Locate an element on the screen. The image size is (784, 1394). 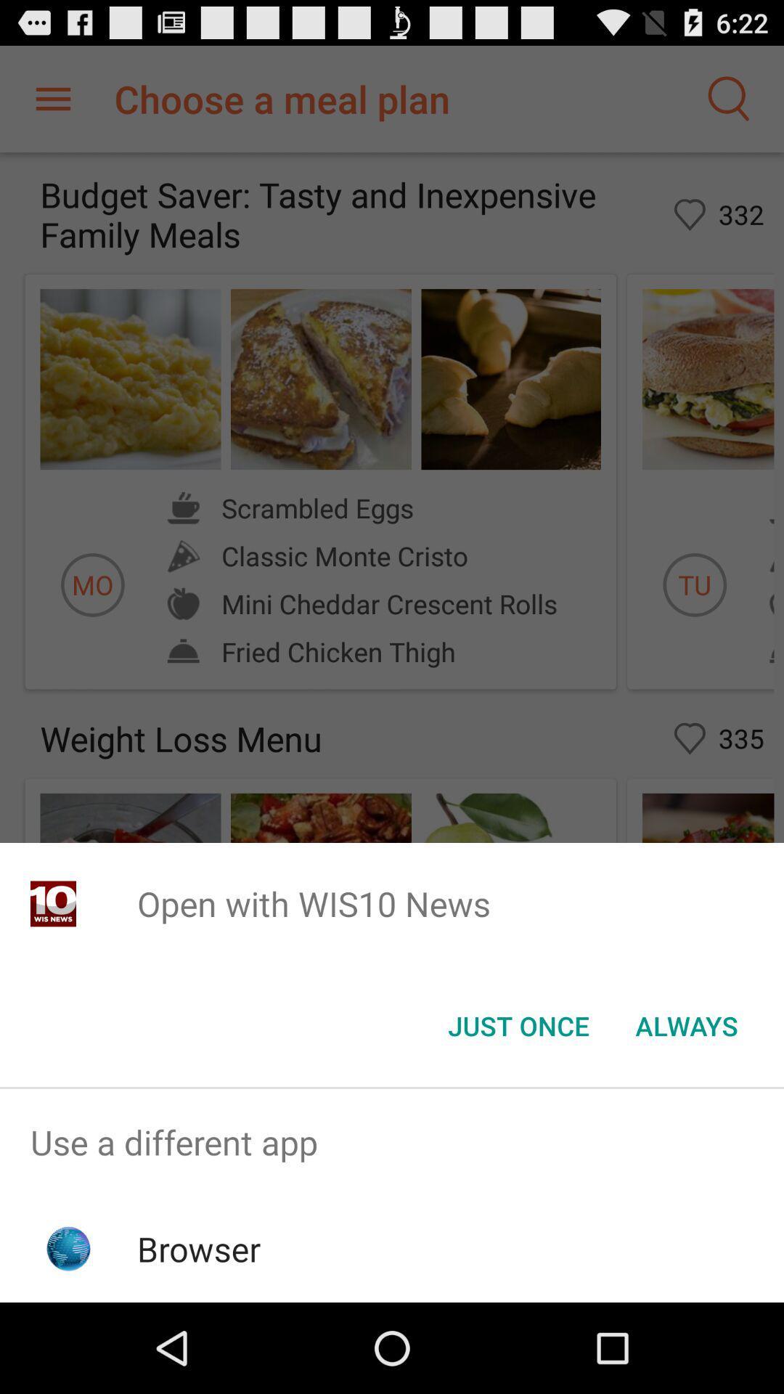
the just once is located at coordinates (518, 1024).